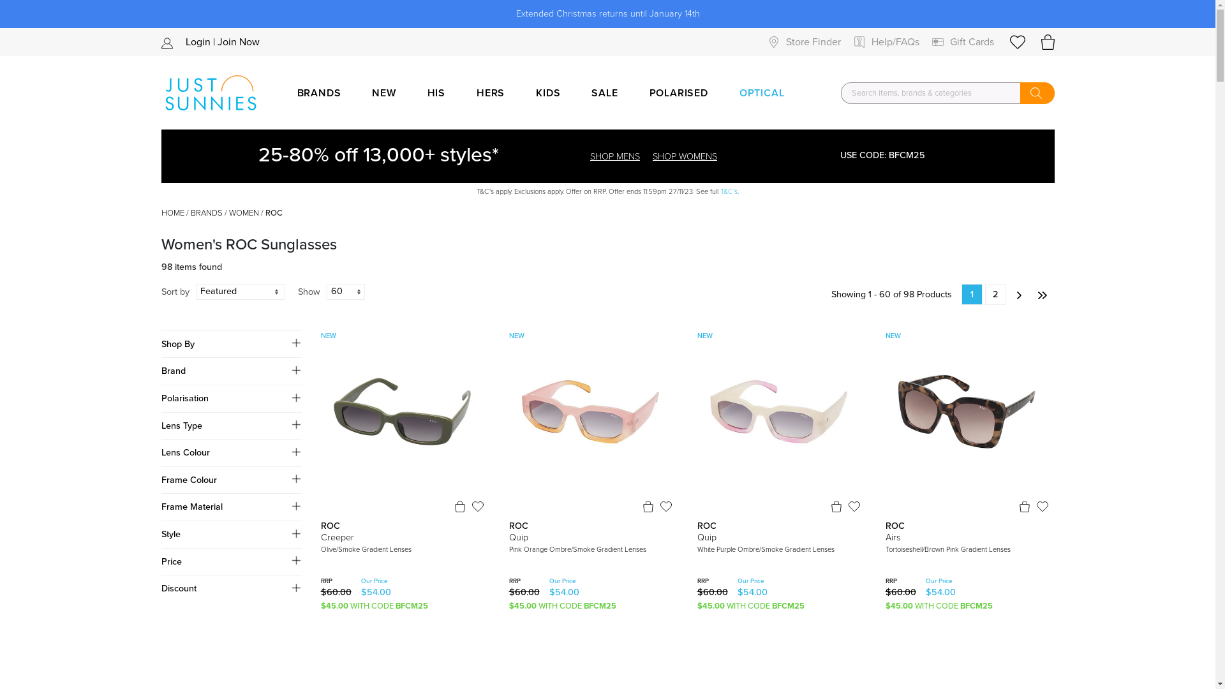  Describe the element at coordinates (604, 92) in the screenshot. I see `'SALE'` at that location.